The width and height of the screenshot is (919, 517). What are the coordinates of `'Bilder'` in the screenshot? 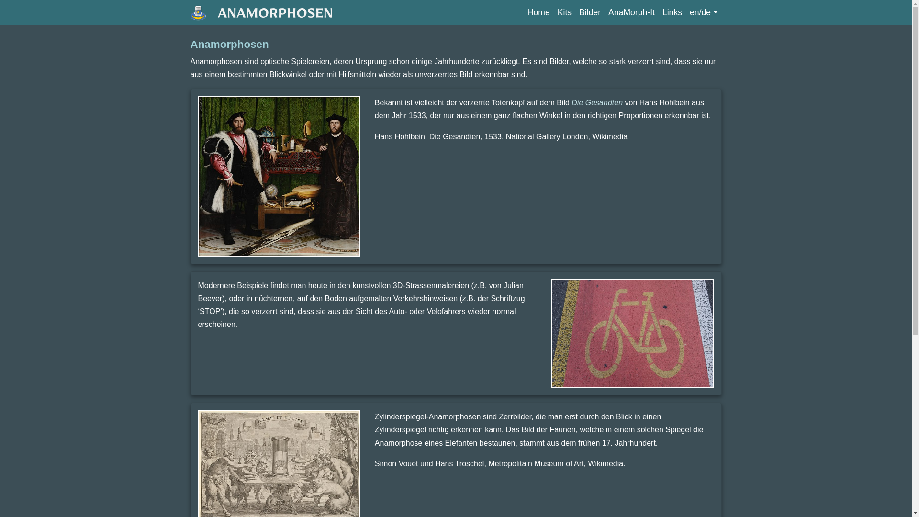 It's located at (574, 12).